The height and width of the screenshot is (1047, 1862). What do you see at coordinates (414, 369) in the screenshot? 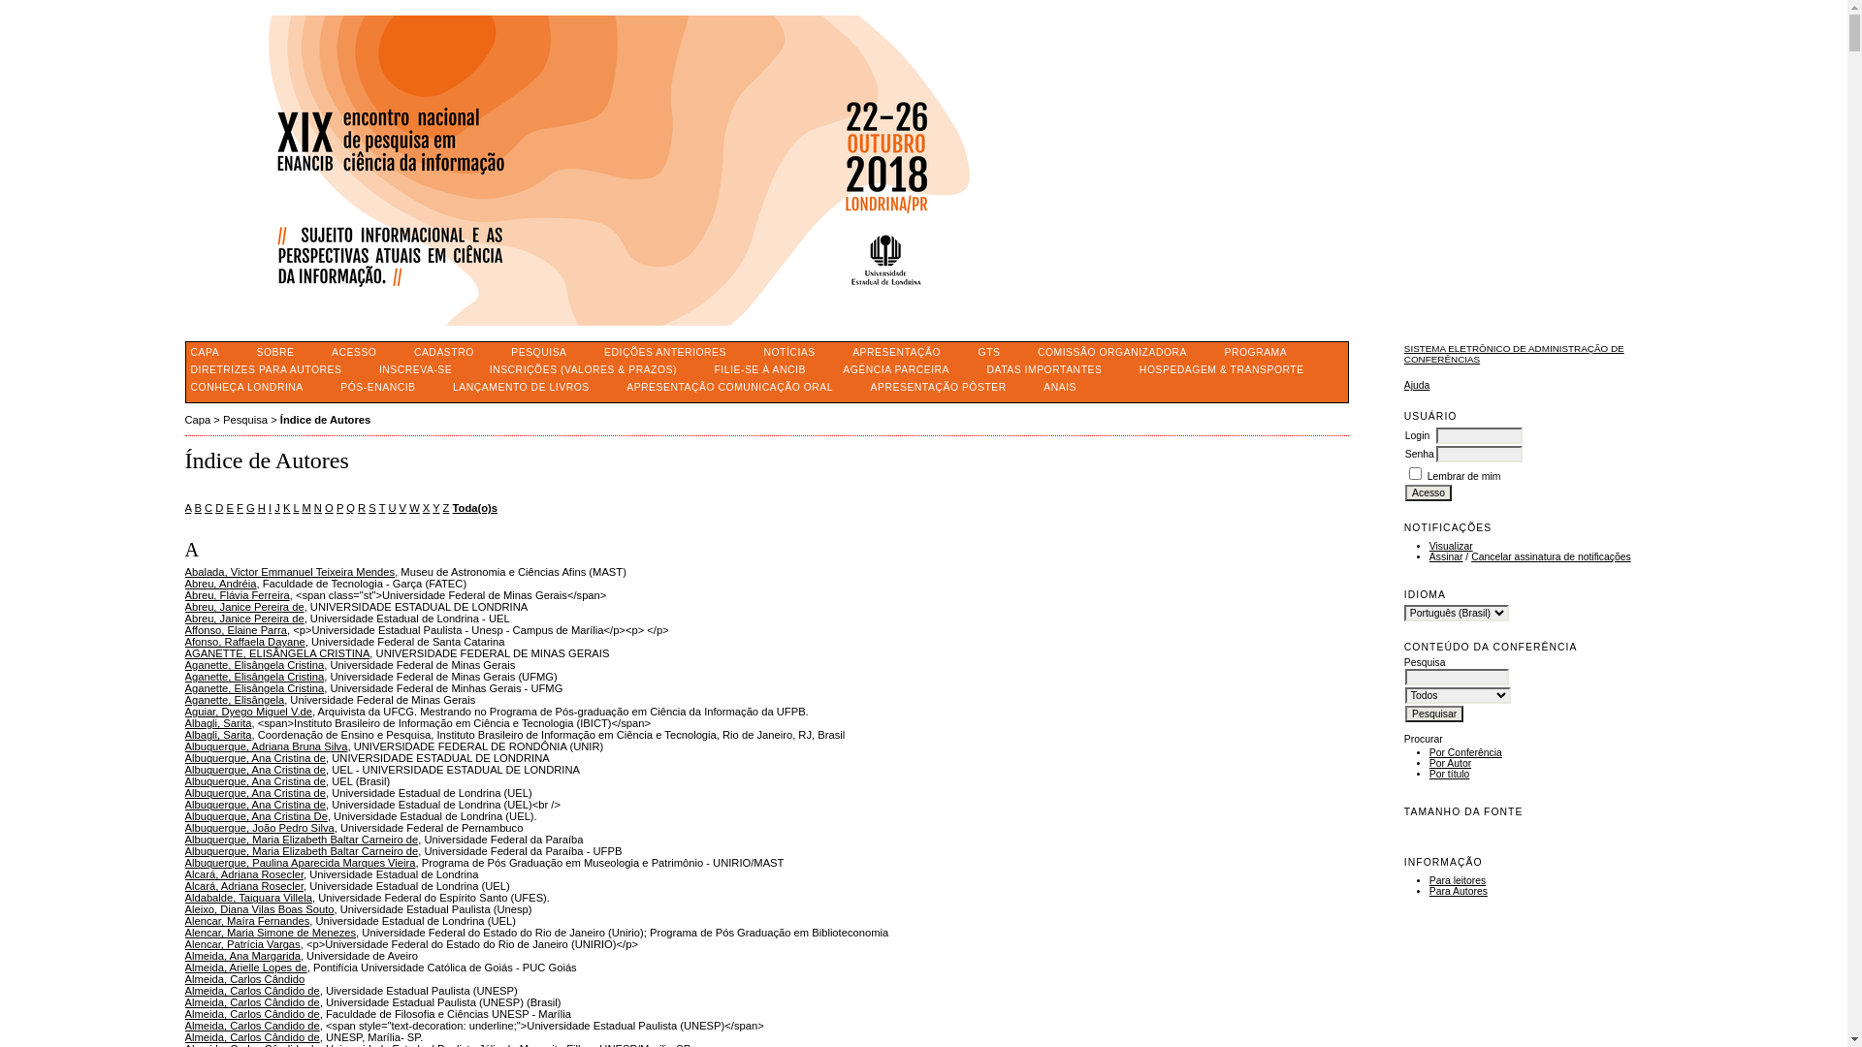
I see `'INSCREVA-SE'` at bounding box center [414, 369].